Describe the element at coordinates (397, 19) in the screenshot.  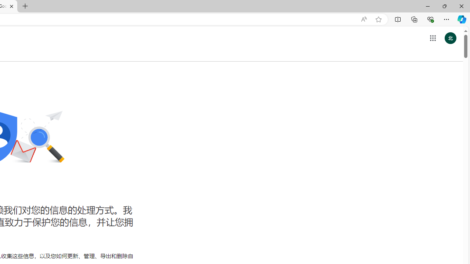
I see `'Split screen'` at that location.